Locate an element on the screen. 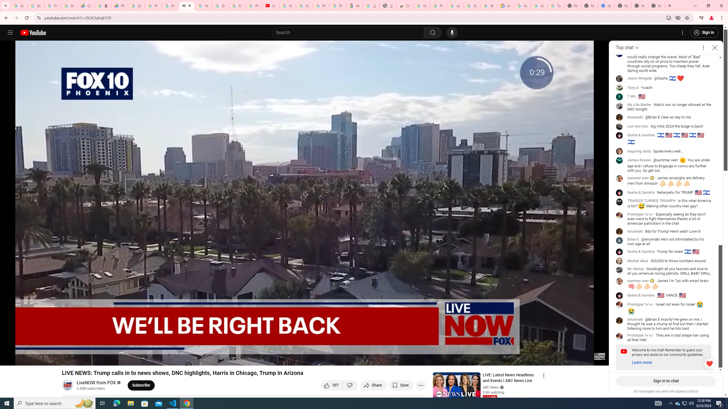 This screenshot has height=409, width=728. 'Share' is located at coordinates (373, 385).